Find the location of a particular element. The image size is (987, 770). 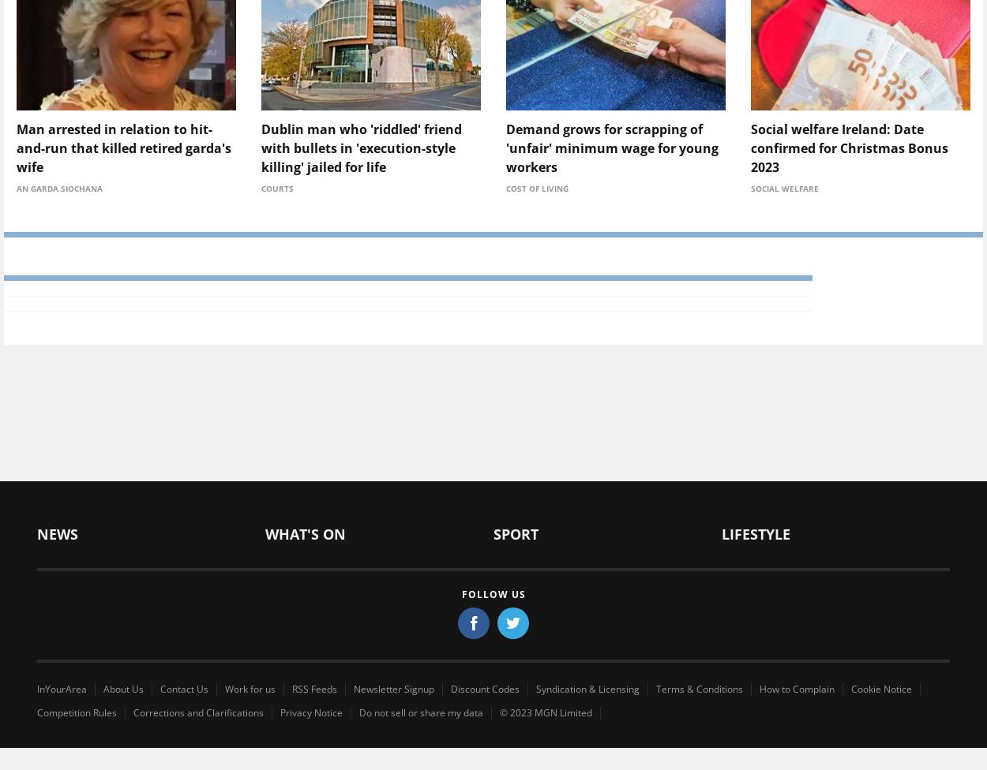

'Do not sell or share my data' is located at coordinates (421, 712).